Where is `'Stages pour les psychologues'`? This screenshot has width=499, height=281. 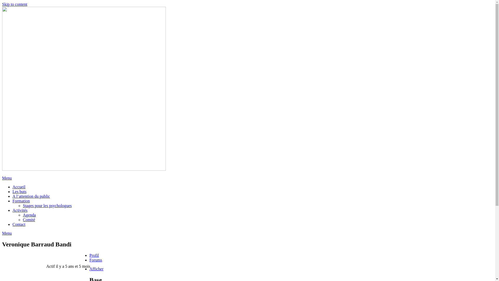 'Stages pour les psychologues' is located at coordinates (47, 205).